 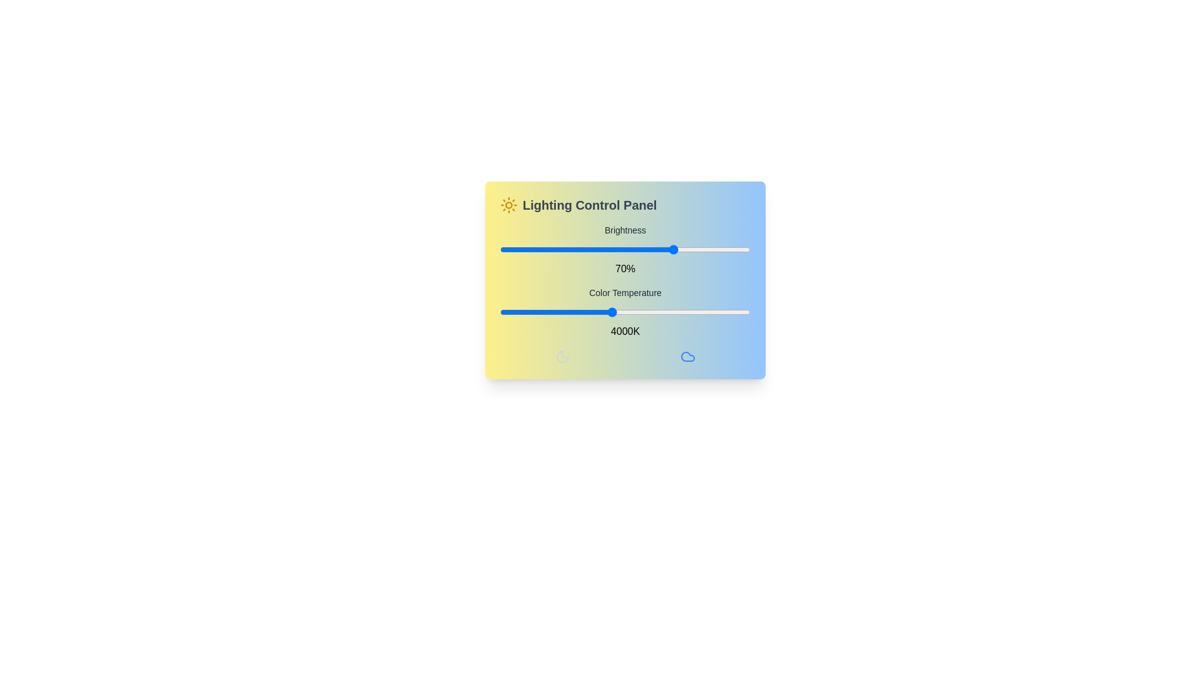 What do you see at coordinates (519, 311) in the screenshot?
I see `the color temperature slider to 2340 K` at bounding box center [519, 311].